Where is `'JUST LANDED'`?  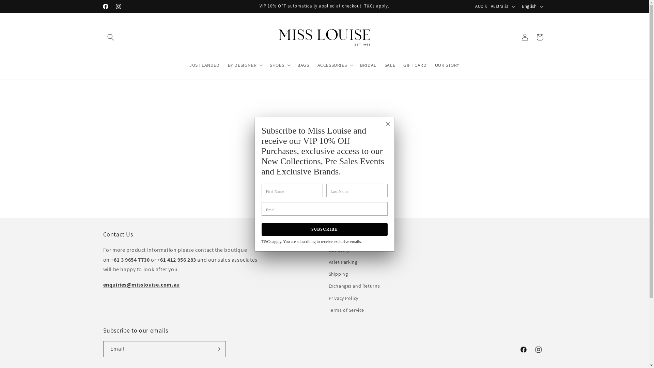
'JUST LANDED' is located at coordinates (185, 65).